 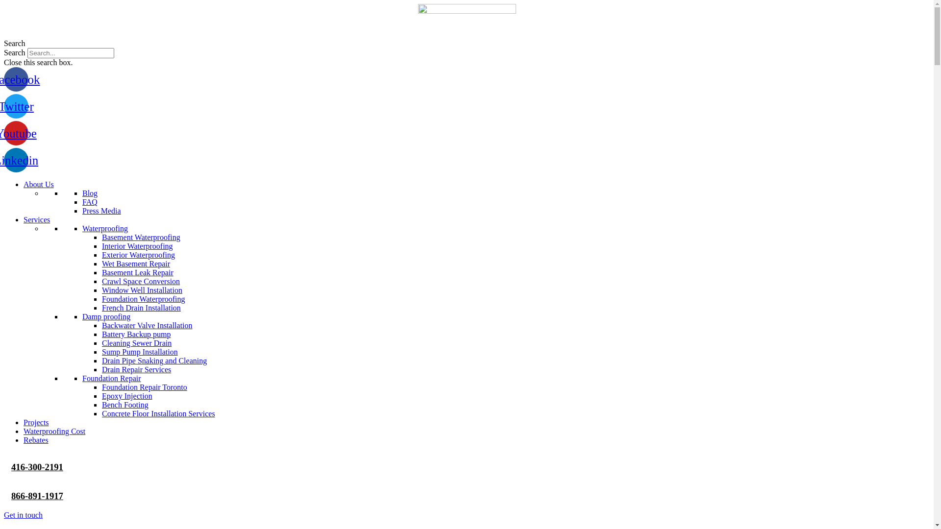 I want to click on 'Twitter', so click(x=16, y=106).